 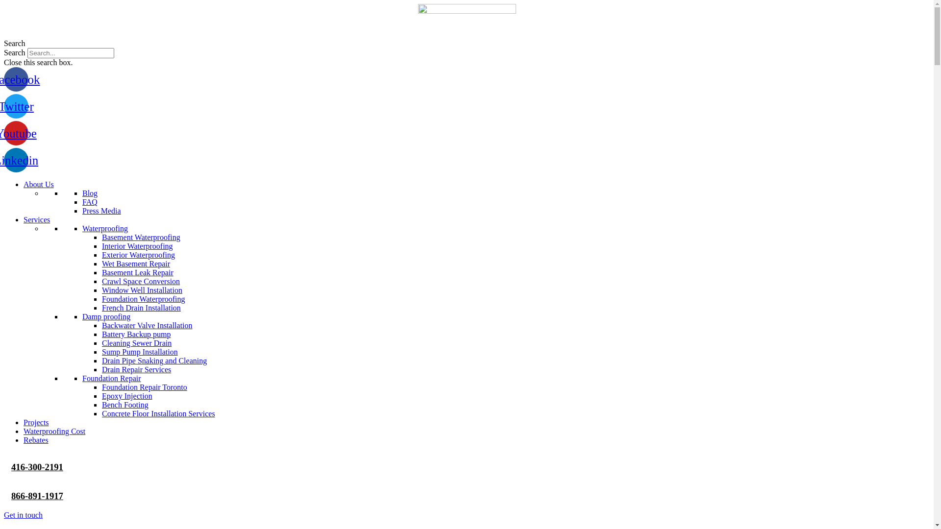 I want to click on 'Twitter', so click(x=16, y=106).